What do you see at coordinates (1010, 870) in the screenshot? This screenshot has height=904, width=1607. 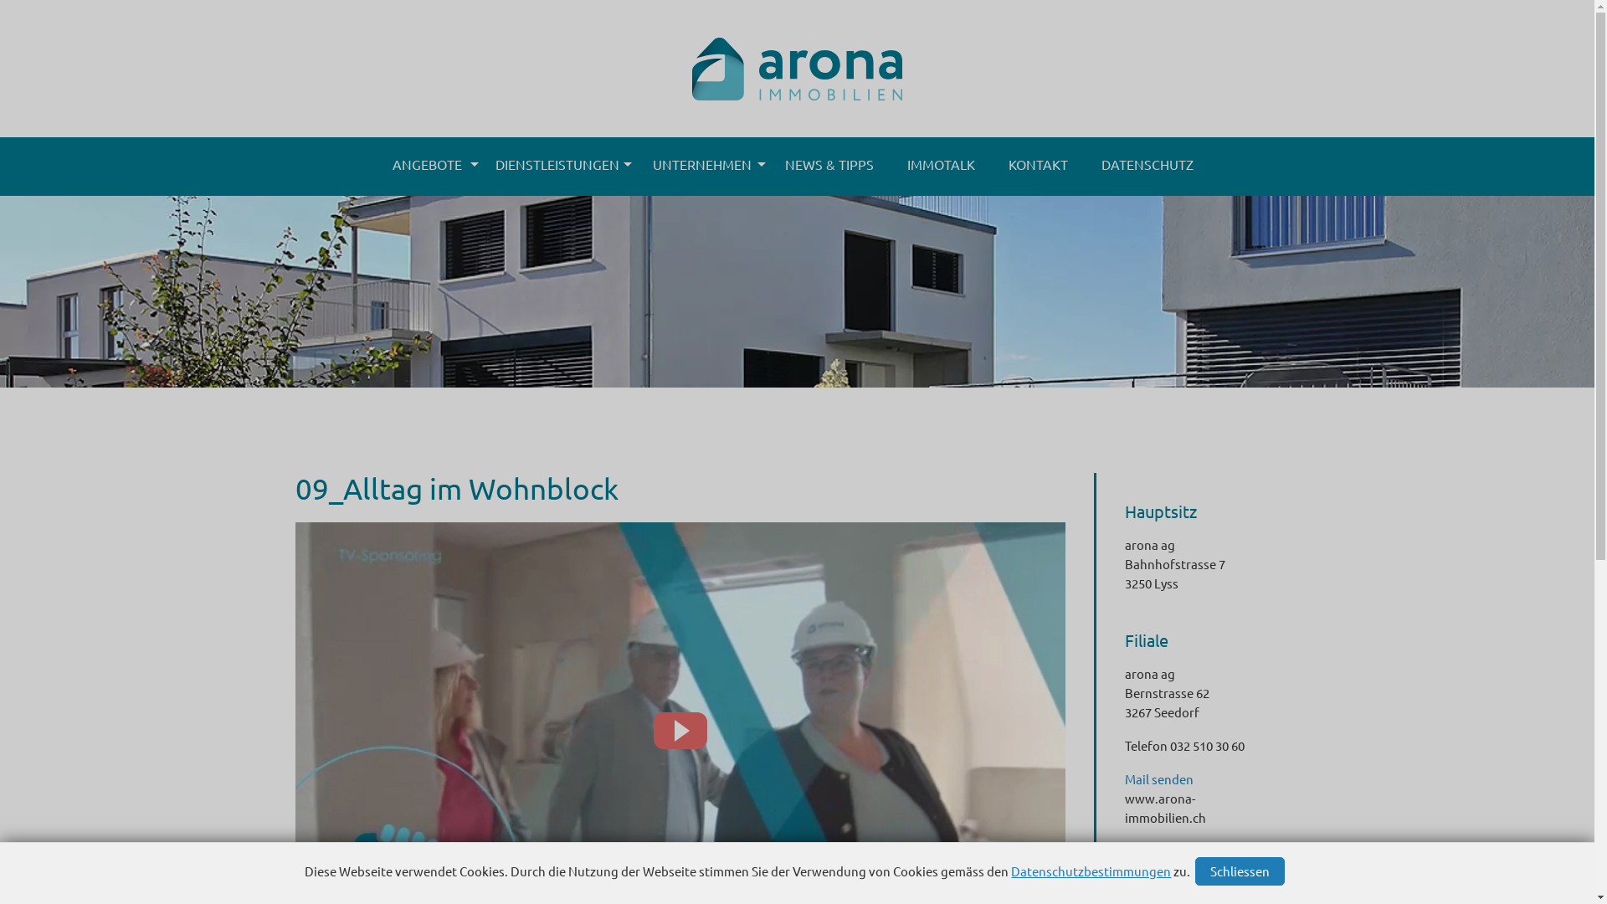 I see `'Datenschutzbestimmungen'` at bounding box center [1010, 870].